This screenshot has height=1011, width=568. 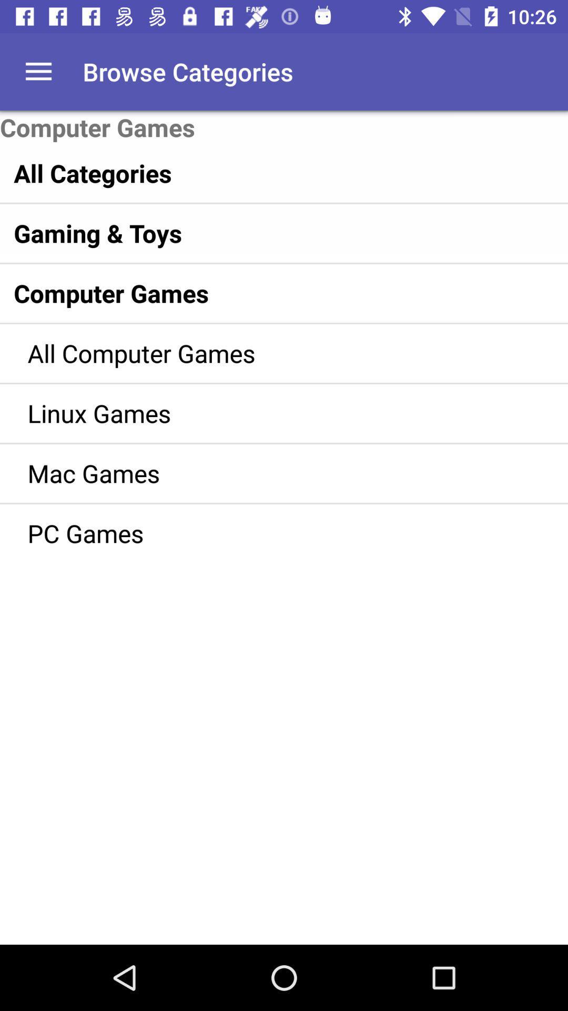 I want to click on the icon above pc games item, so click(x=268, y=472).